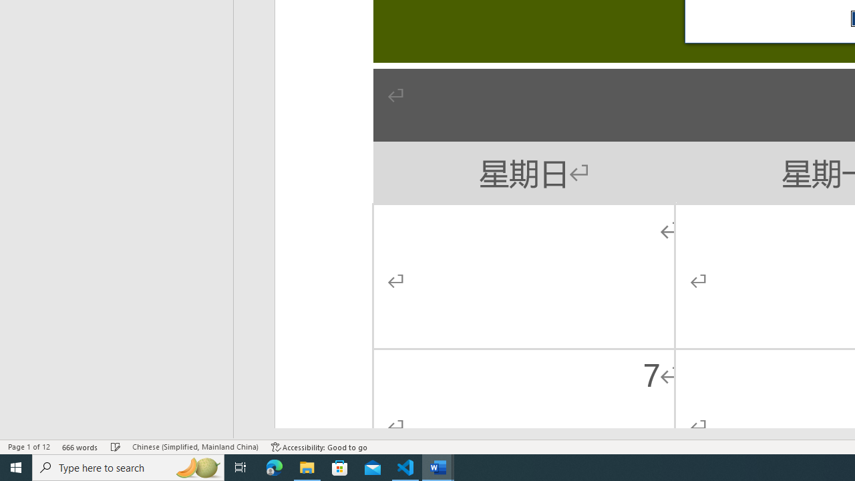 The width and height of the screenshot is (855, 481). Describe the element at coordinates (340, 466) in the screenshot. I see `'Microsoft Store'` at that location.